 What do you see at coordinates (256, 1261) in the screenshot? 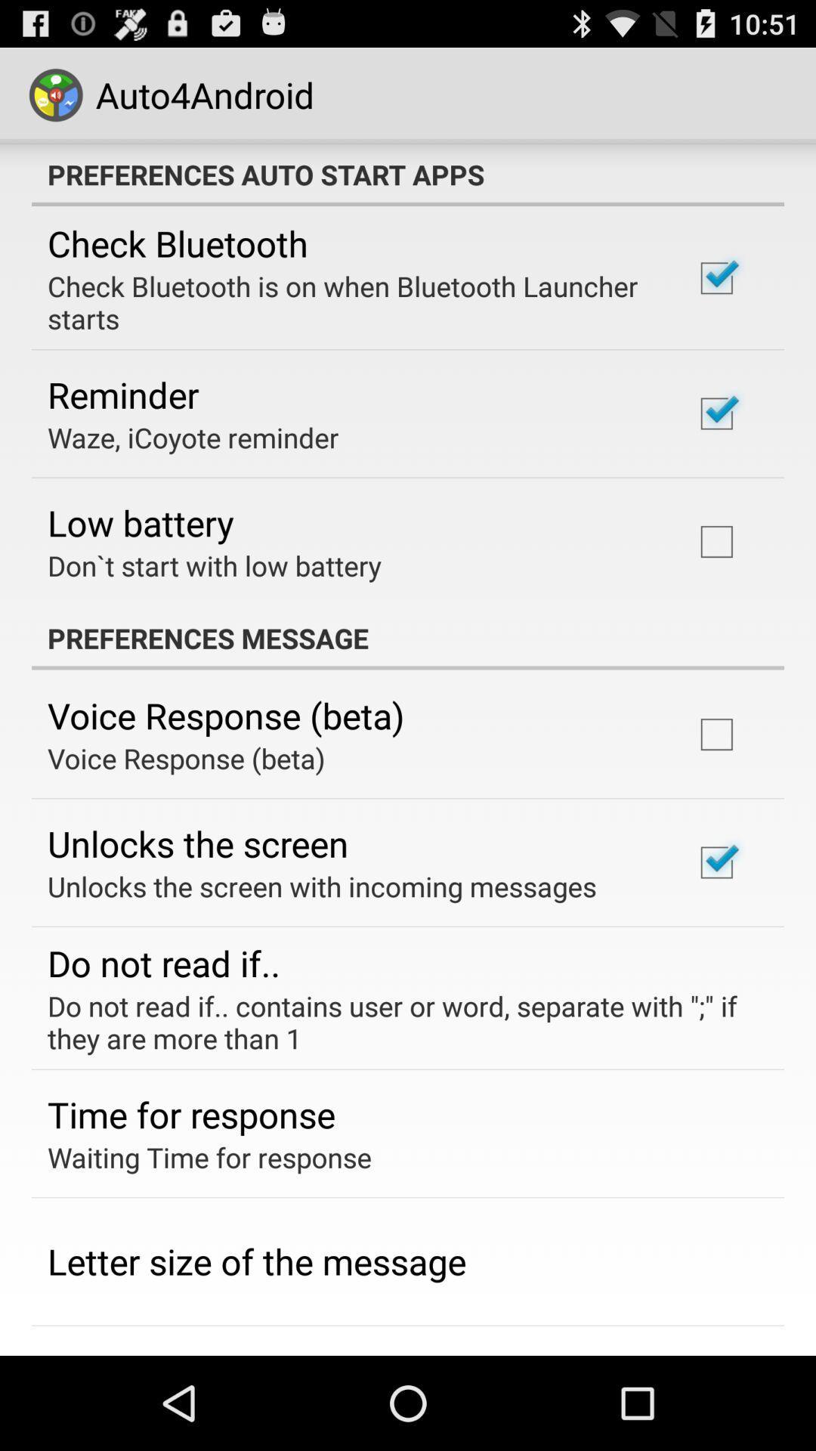
I see `letter size of` at bounding box center [256, 1261].